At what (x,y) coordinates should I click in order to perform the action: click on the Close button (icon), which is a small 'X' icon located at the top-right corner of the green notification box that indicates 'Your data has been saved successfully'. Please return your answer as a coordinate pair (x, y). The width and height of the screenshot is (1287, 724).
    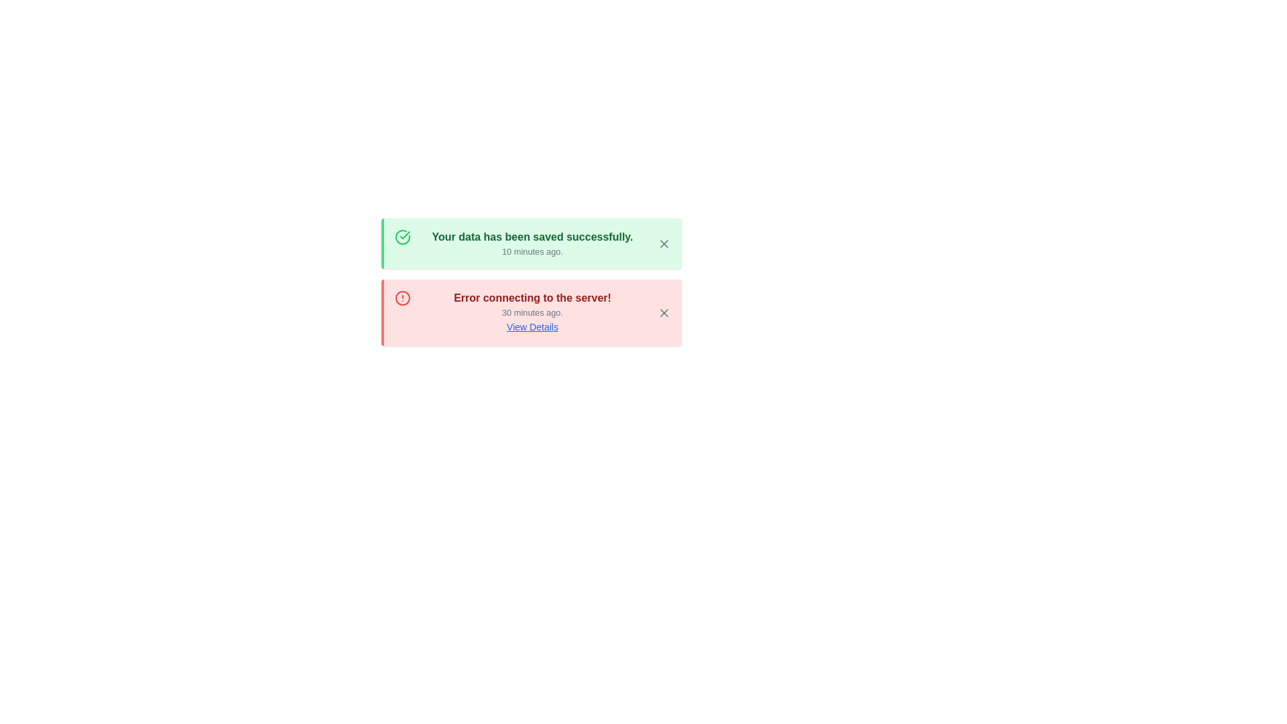
    Looking at the image, I should click on (664, 243).